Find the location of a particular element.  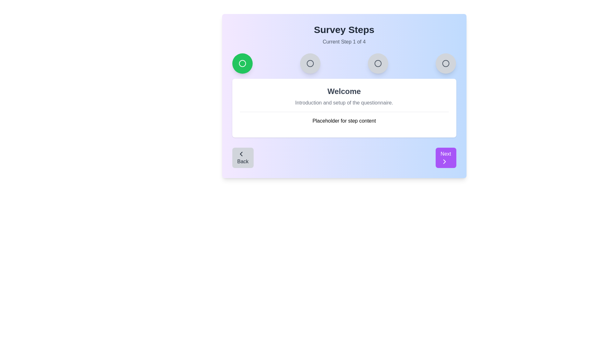

the fourth step indicator in the survey or progress bar at the top of the layout, which is aligned on the right end of the row is located at coordinates (446, 64).